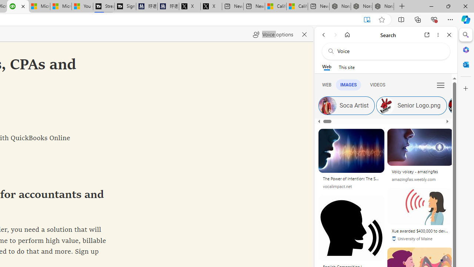 The width and height of the screenshot is (474, 267). What do you see at coordinates (304, 34) in the screenshot?
I see `'Close read aloud'` at bounding box center [304, 34].